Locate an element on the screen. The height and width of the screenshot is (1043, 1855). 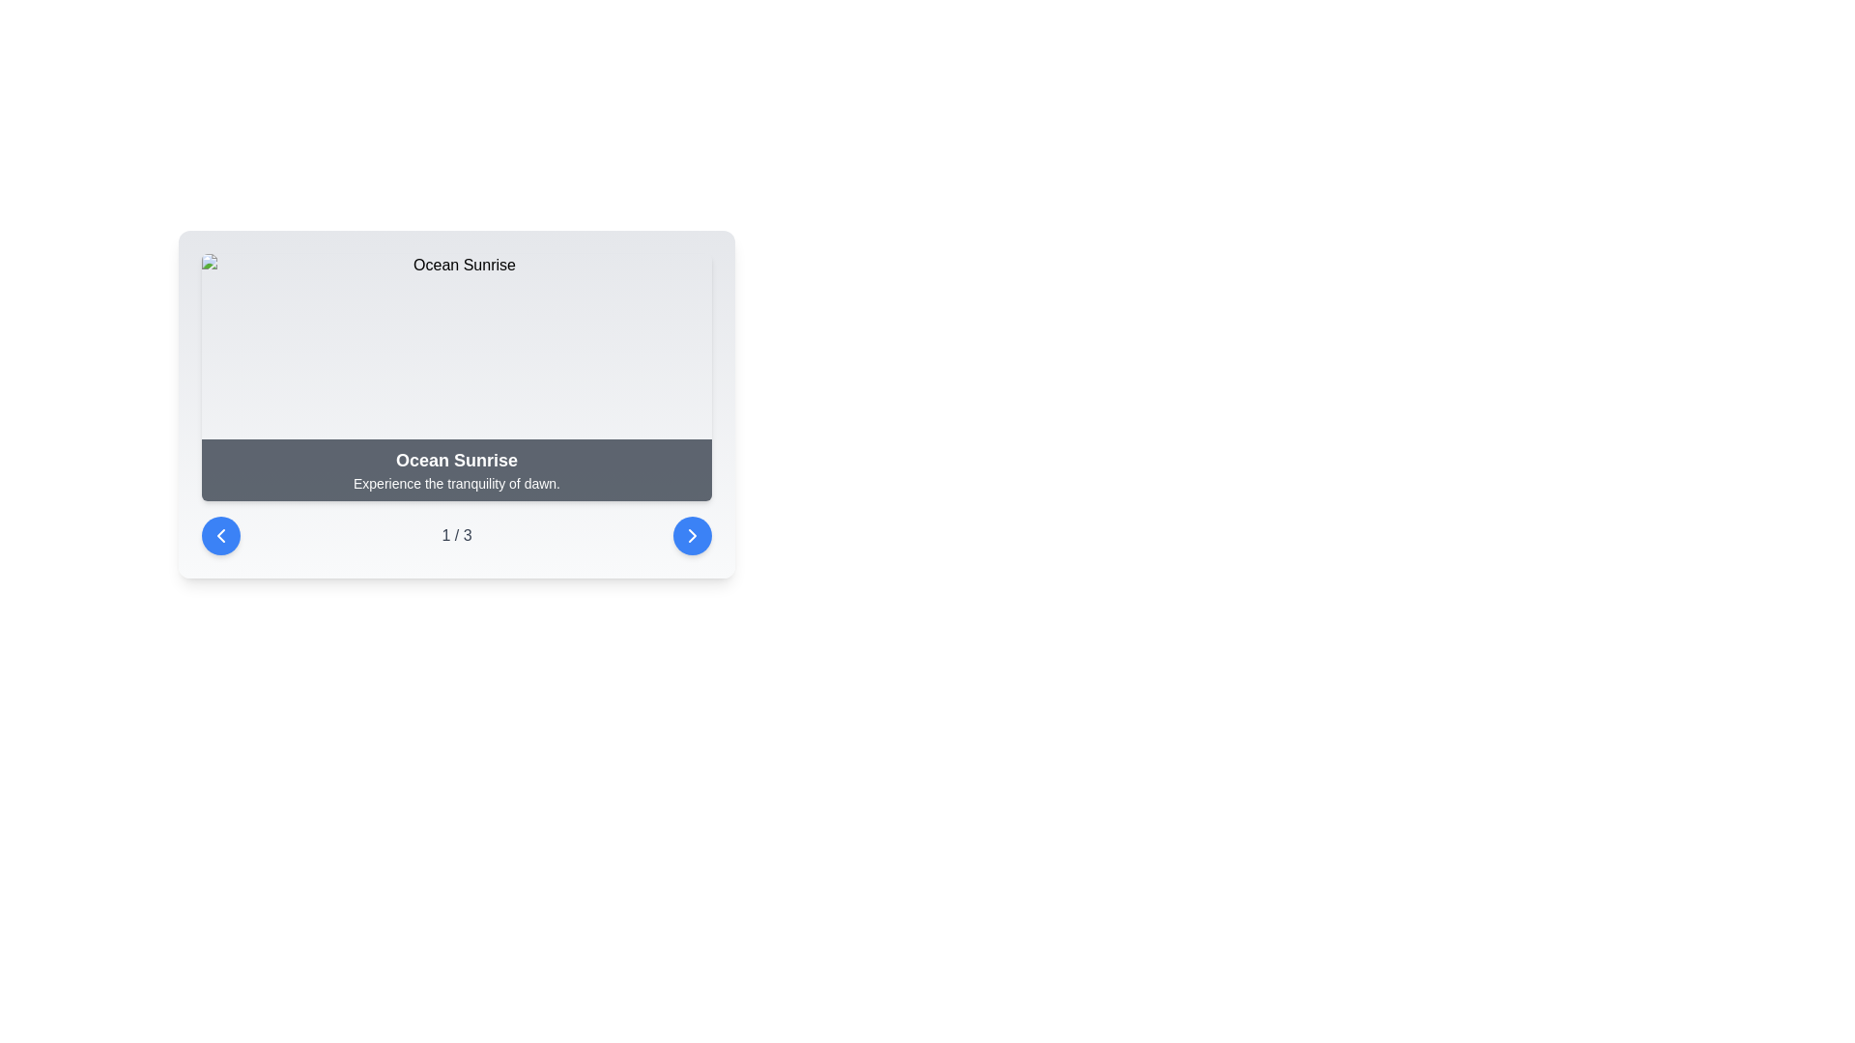
text content of the text component displaying 'Experience the tranquility of dawn.' located below the bold title 'Ocean Sunrise.' is located at coordinates (456, 483).